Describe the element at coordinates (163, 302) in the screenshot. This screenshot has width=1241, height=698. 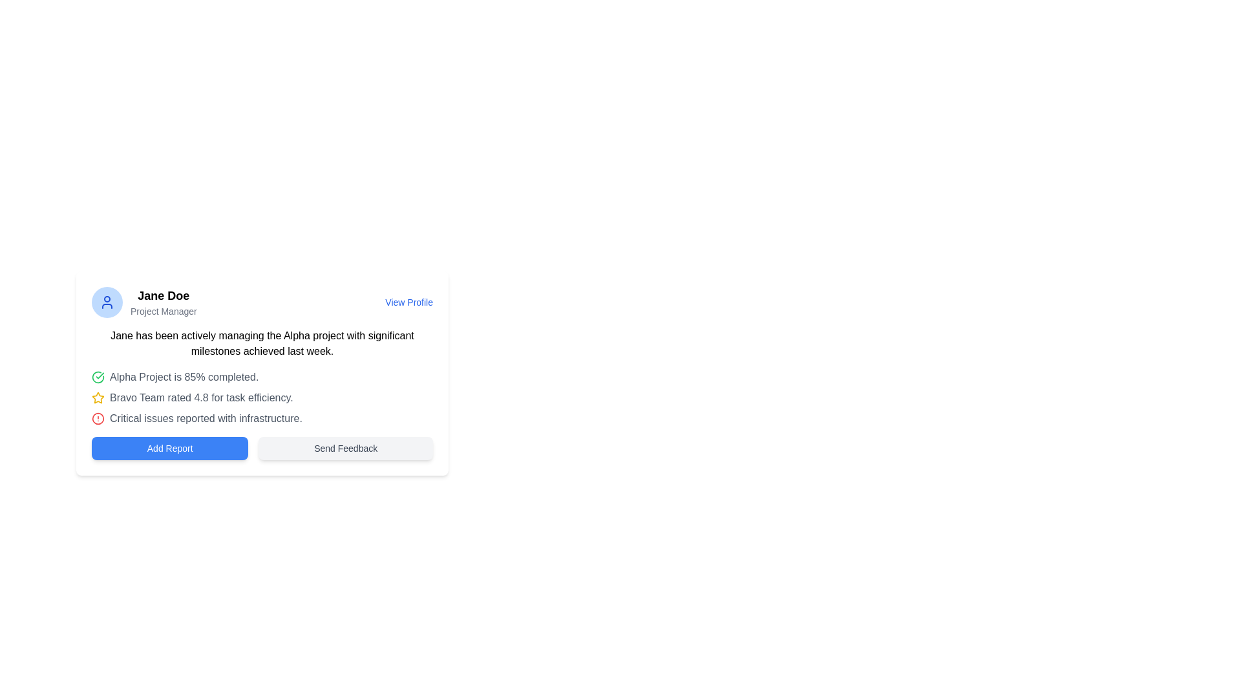
I see `the text-based label displaying 'Jane Doe' and 'Project Manager' which is centrally aligned and styled in bold and gray fonts, located at the top left area of the main content card` at that location.